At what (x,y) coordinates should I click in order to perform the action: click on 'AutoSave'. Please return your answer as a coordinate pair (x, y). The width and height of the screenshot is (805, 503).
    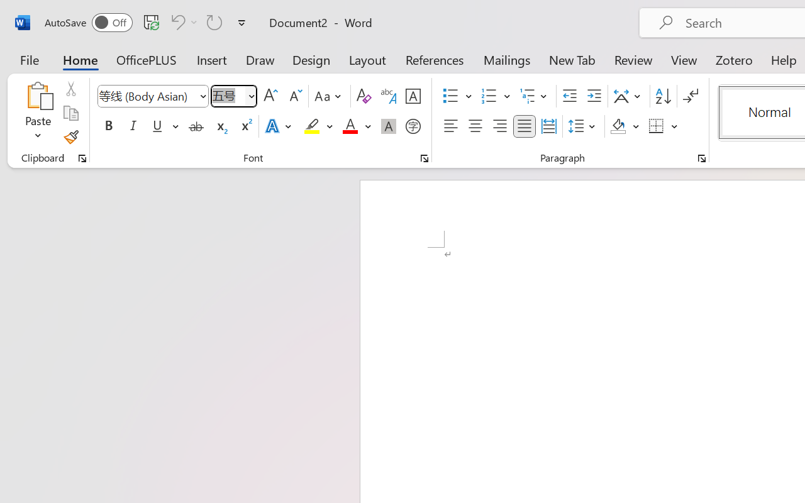
    Looking at the image, I should click on (87, 22).